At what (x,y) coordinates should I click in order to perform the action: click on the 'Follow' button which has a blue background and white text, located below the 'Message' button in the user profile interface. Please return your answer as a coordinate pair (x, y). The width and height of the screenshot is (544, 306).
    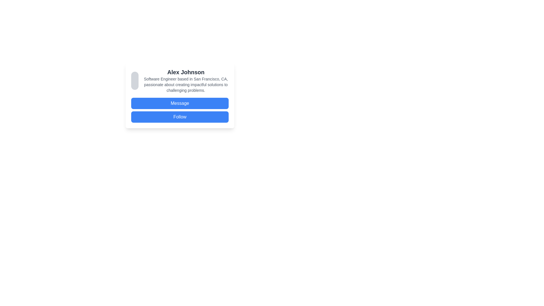
    Looking at the image, I should click on (179, 116).